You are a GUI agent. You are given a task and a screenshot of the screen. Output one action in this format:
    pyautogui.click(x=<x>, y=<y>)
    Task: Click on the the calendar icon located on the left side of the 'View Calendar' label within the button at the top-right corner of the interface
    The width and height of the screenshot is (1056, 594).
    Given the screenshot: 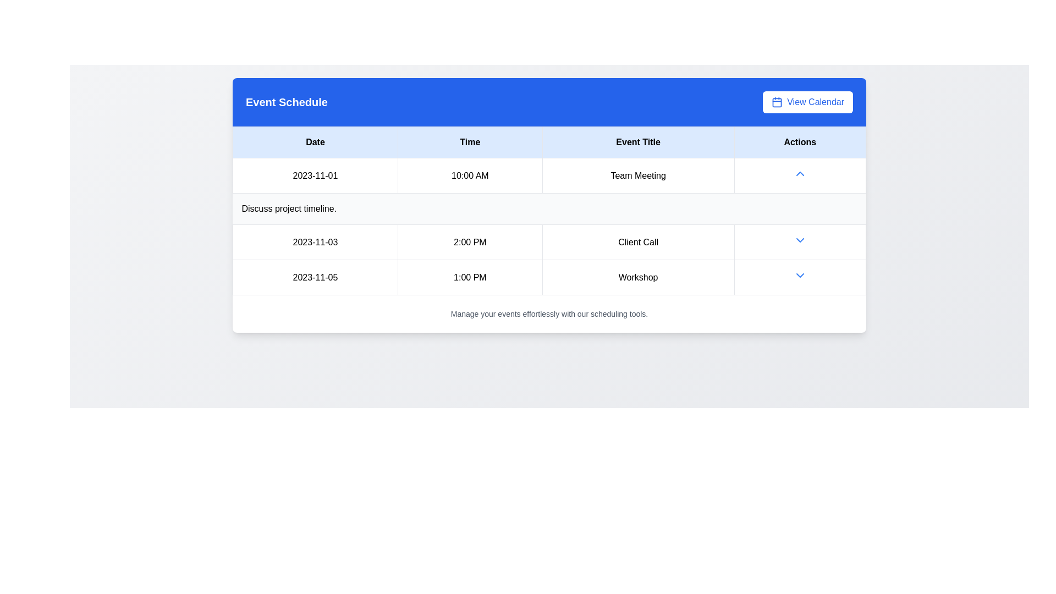 What is the action you would take?
    pyautogui.click(x=777, y=102)
    